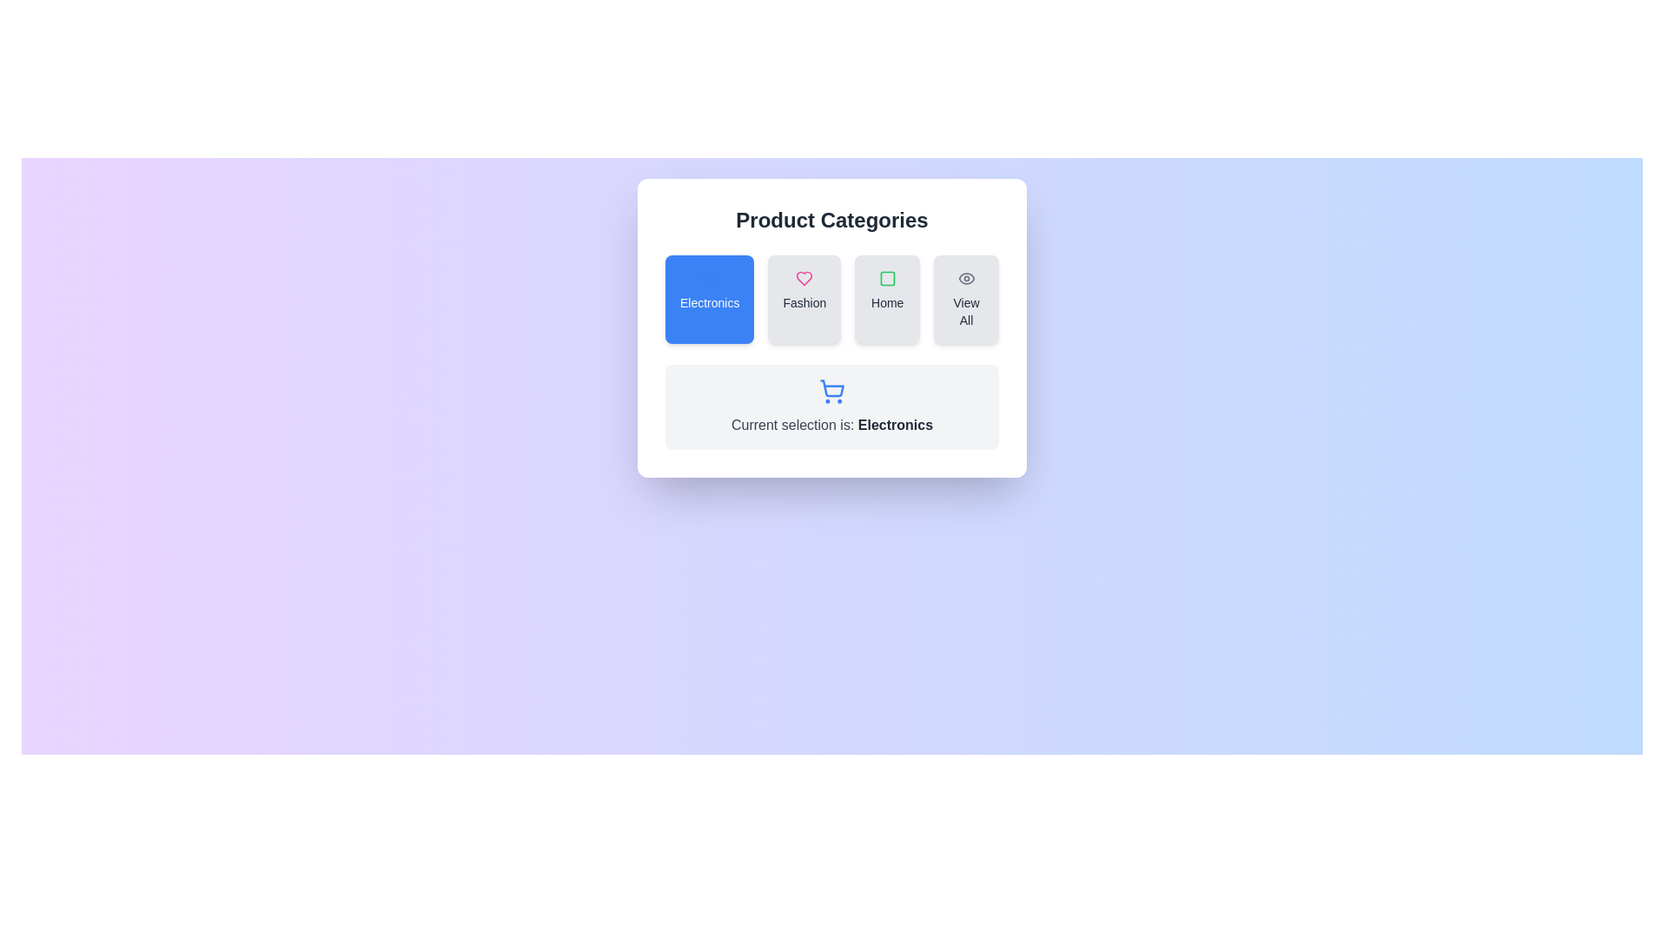 This screenshot has width=1668, height=938. I want to click on the 'Fashion' label located at the bottom center of the button-like UI element, so click(804, 301).